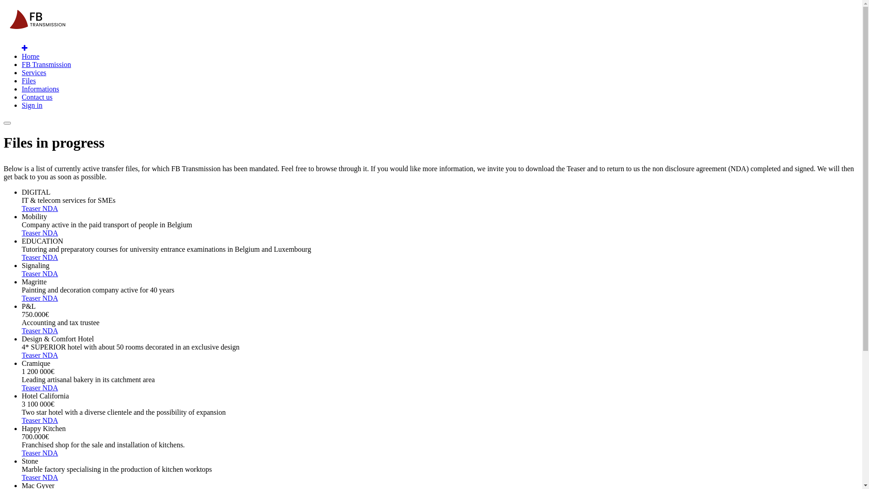 This screenshot has width=869, height=489. What do you see at coordinates (50, 298) in the screenshot?
I see `'NDA'` at bounding box center [50, 298].